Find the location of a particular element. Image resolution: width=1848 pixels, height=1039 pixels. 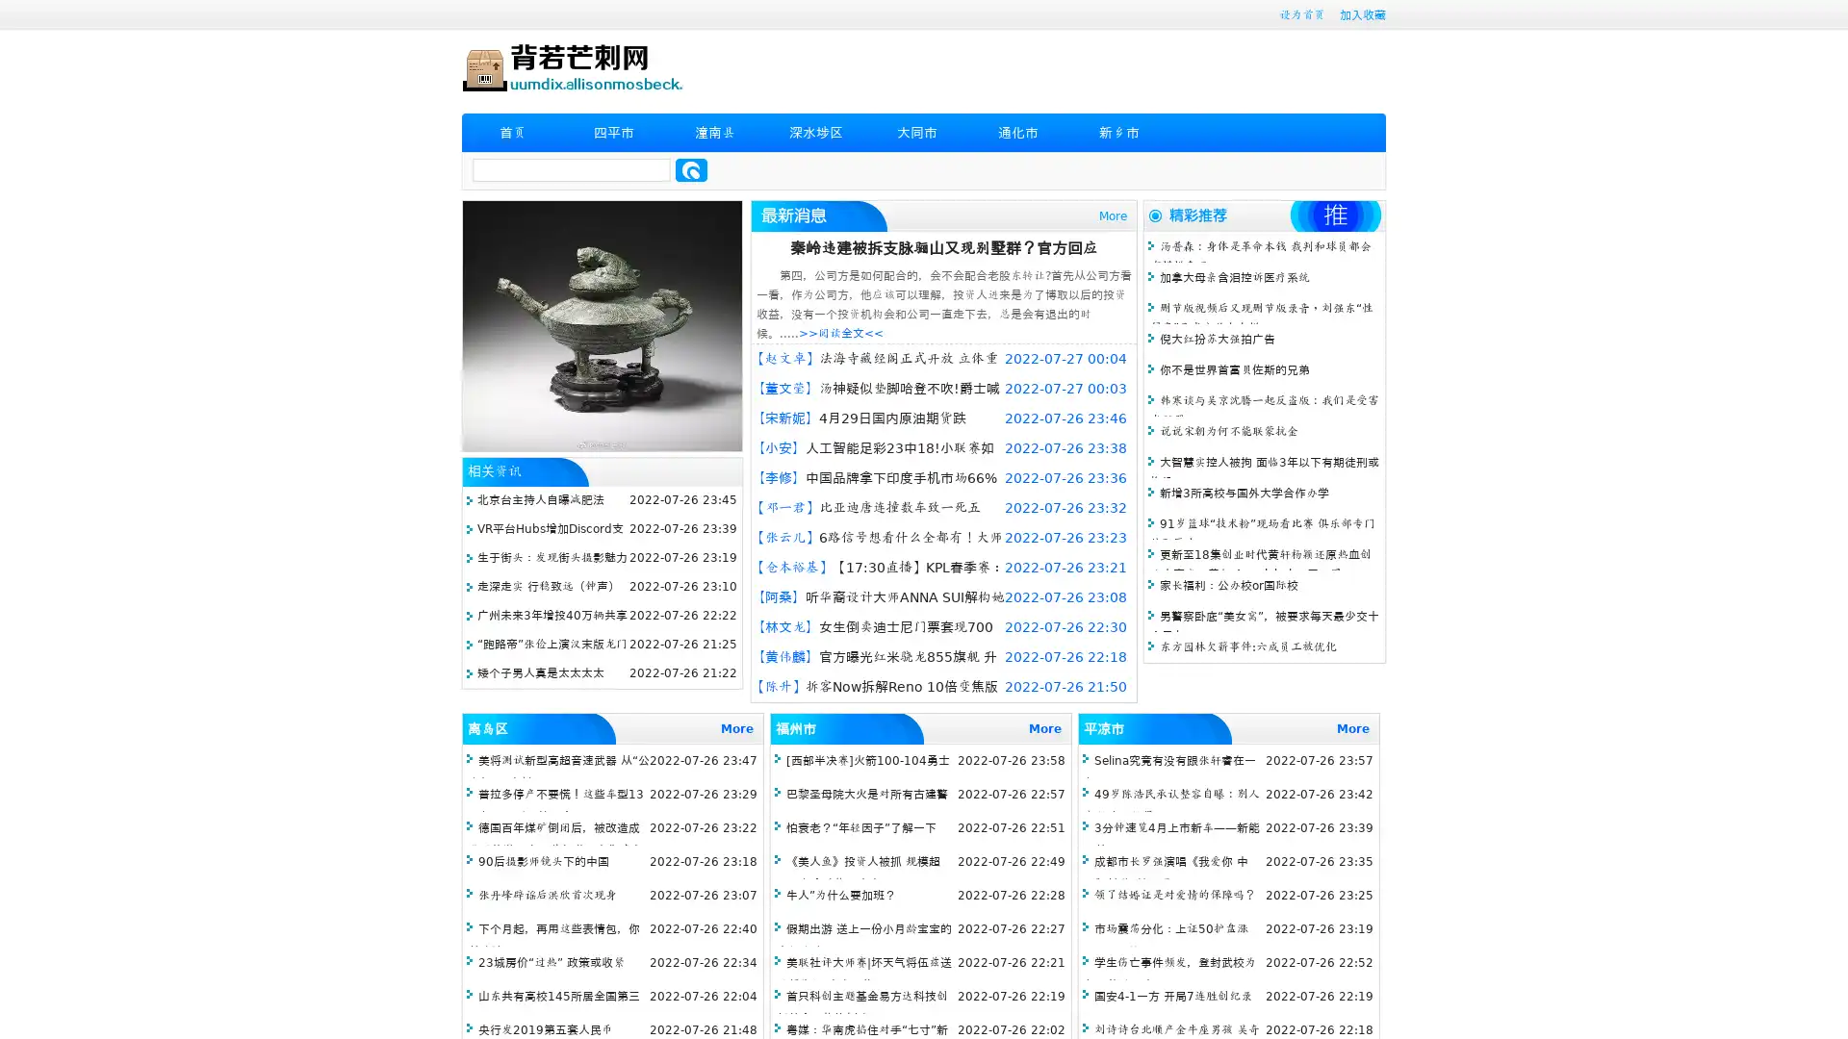

Search is located at coordinates (691, 169).